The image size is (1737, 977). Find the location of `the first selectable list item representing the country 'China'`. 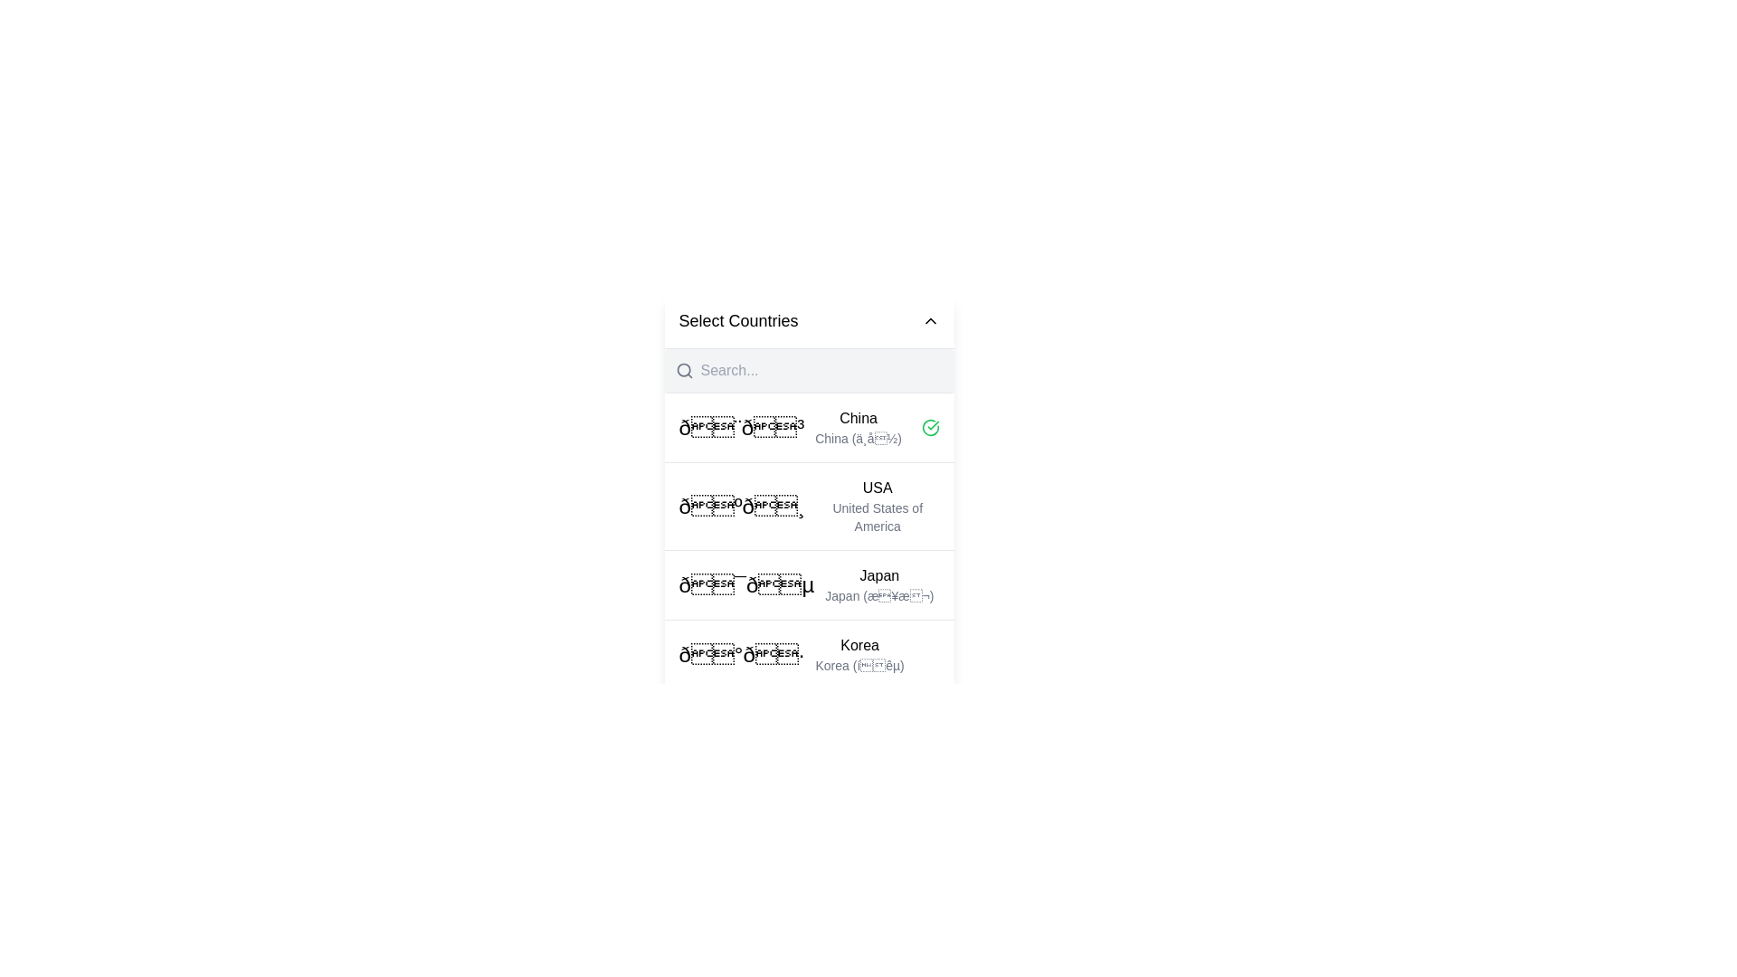

the first selectable list item representing the country 'China' is located at coordinates (808, 428).